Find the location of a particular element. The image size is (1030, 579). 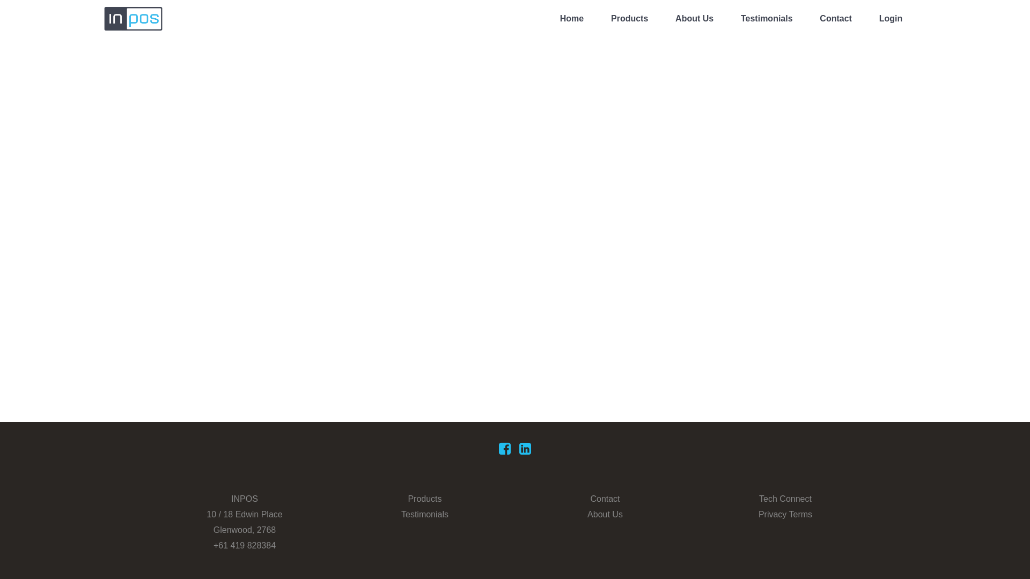

'Products' is located at coordinates (424, 499).